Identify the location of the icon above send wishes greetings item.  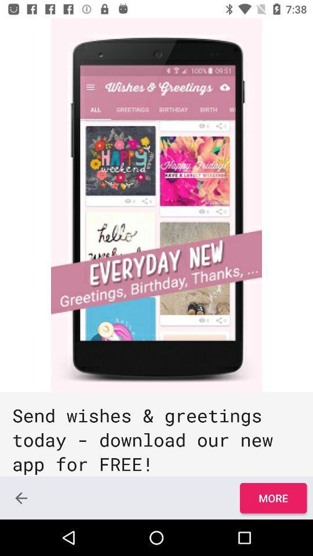
(156, 204).